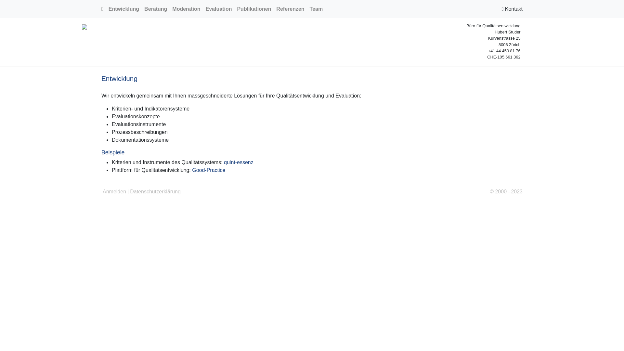  I want to click on 'Referenzen', so click(273, 9).